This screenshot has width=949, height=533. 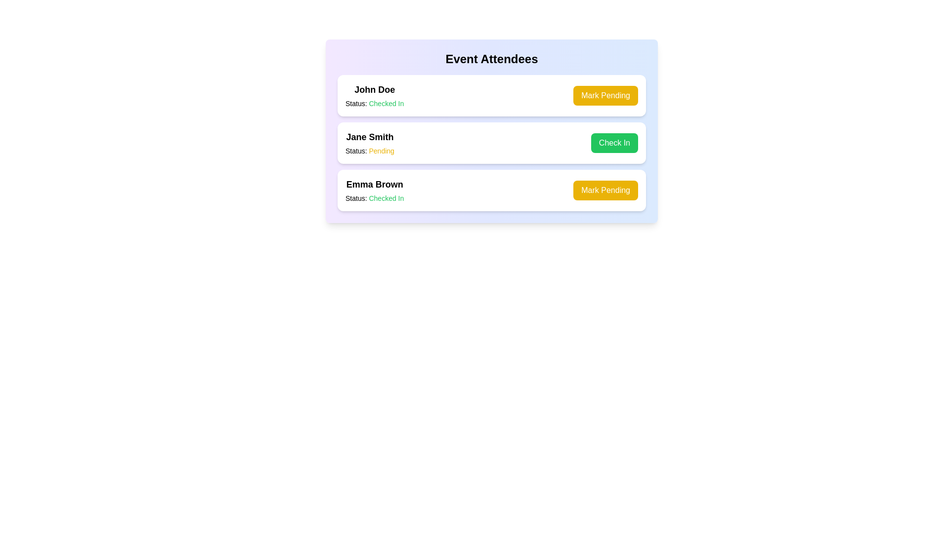 What do you see at coordinates (604, 95) in the screenshot?
I see `the button labeled 'Mark Pending' to view its hover effect` at bounding box center [604, 95].